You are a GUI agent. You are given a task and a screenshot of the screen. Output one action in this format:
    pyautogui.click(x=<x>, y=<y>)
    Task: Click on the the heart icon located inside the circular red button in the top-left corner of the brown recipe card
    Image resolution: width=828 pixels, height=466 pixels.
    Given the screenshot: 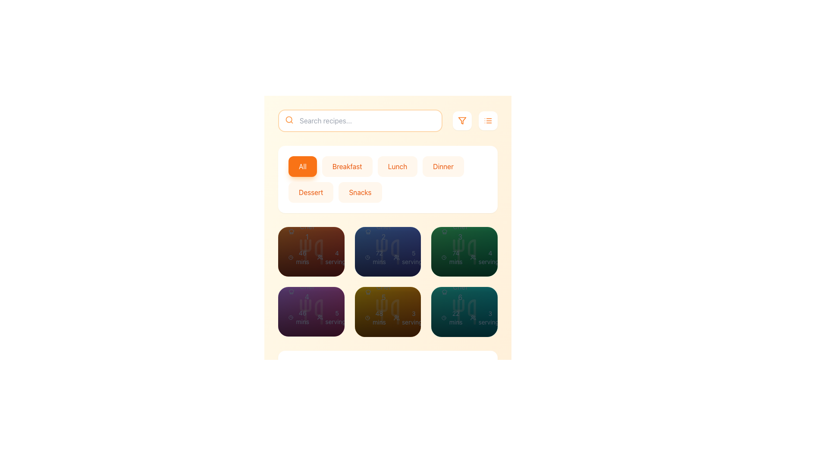 What is the action you would take?
    pyautogui.click(x=285, y=252)
    